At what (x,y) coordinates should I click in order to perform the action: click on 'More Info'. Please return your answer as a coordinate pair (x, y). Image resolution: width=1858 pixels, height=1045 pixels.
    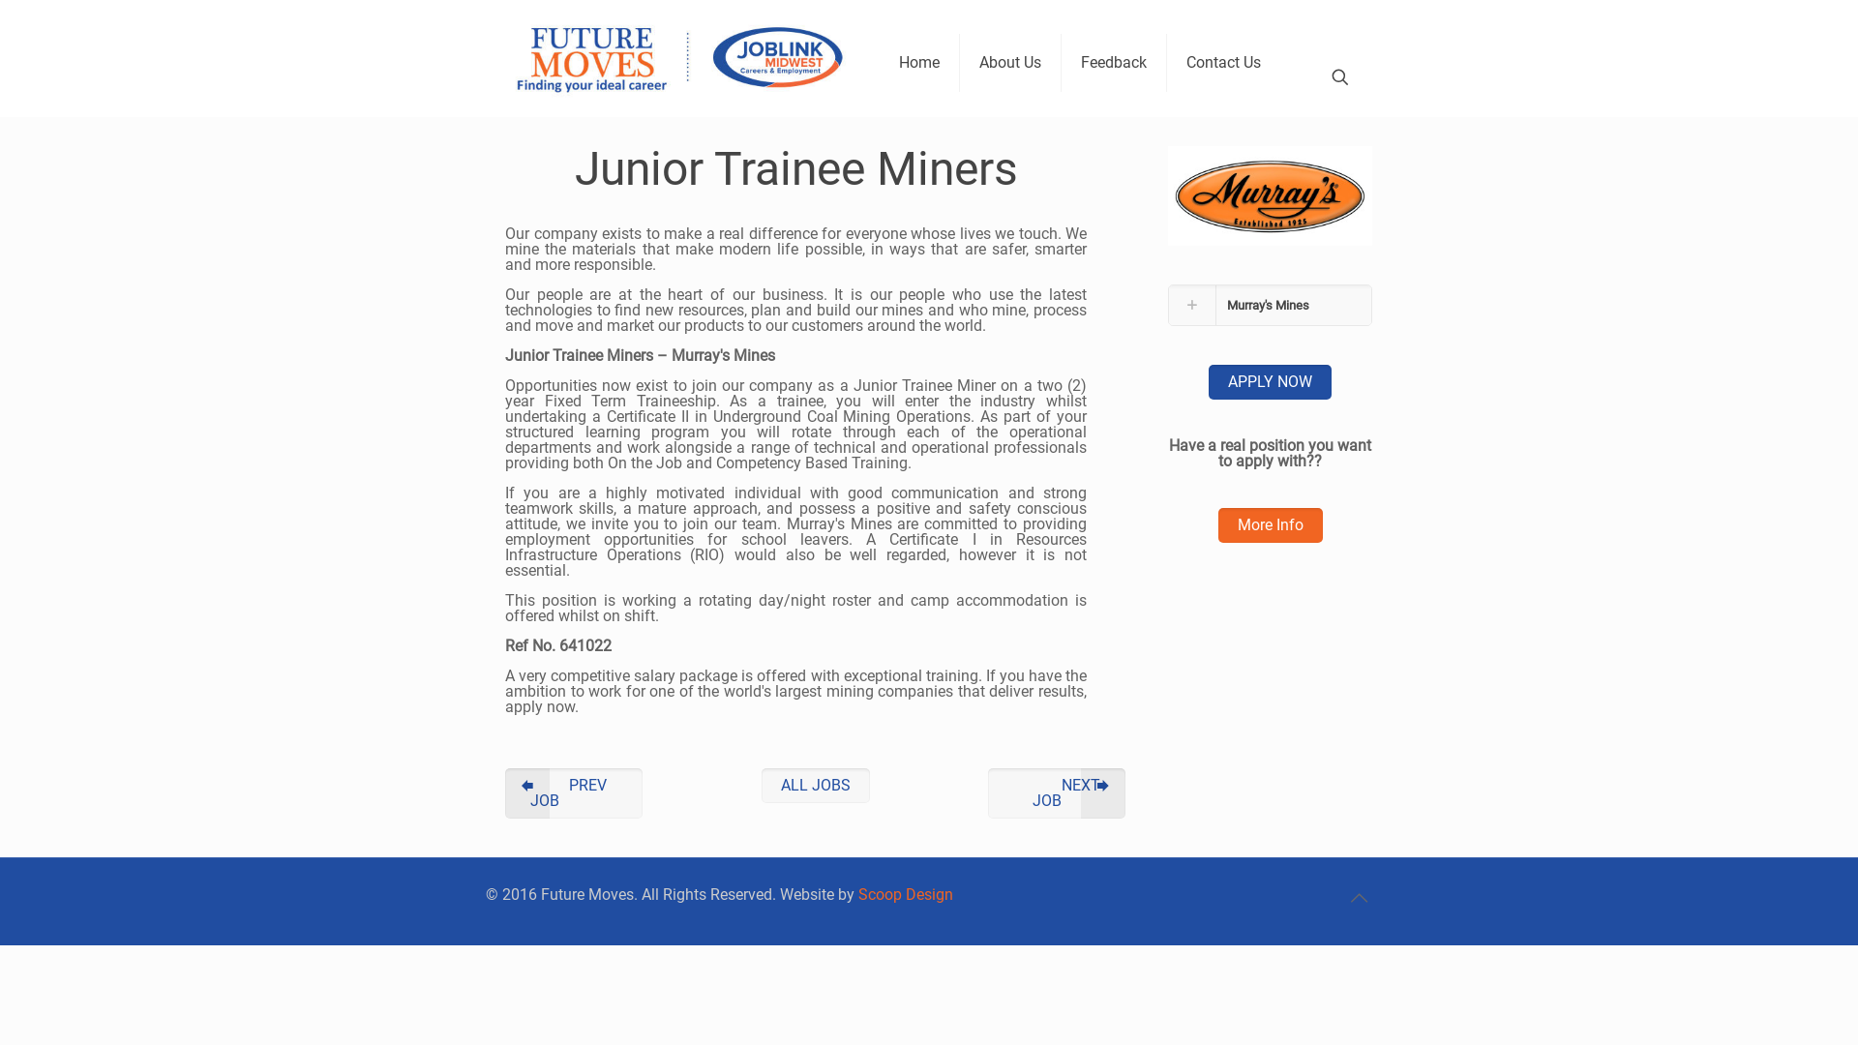
    Looking at the image, I should click on (1269, 525).